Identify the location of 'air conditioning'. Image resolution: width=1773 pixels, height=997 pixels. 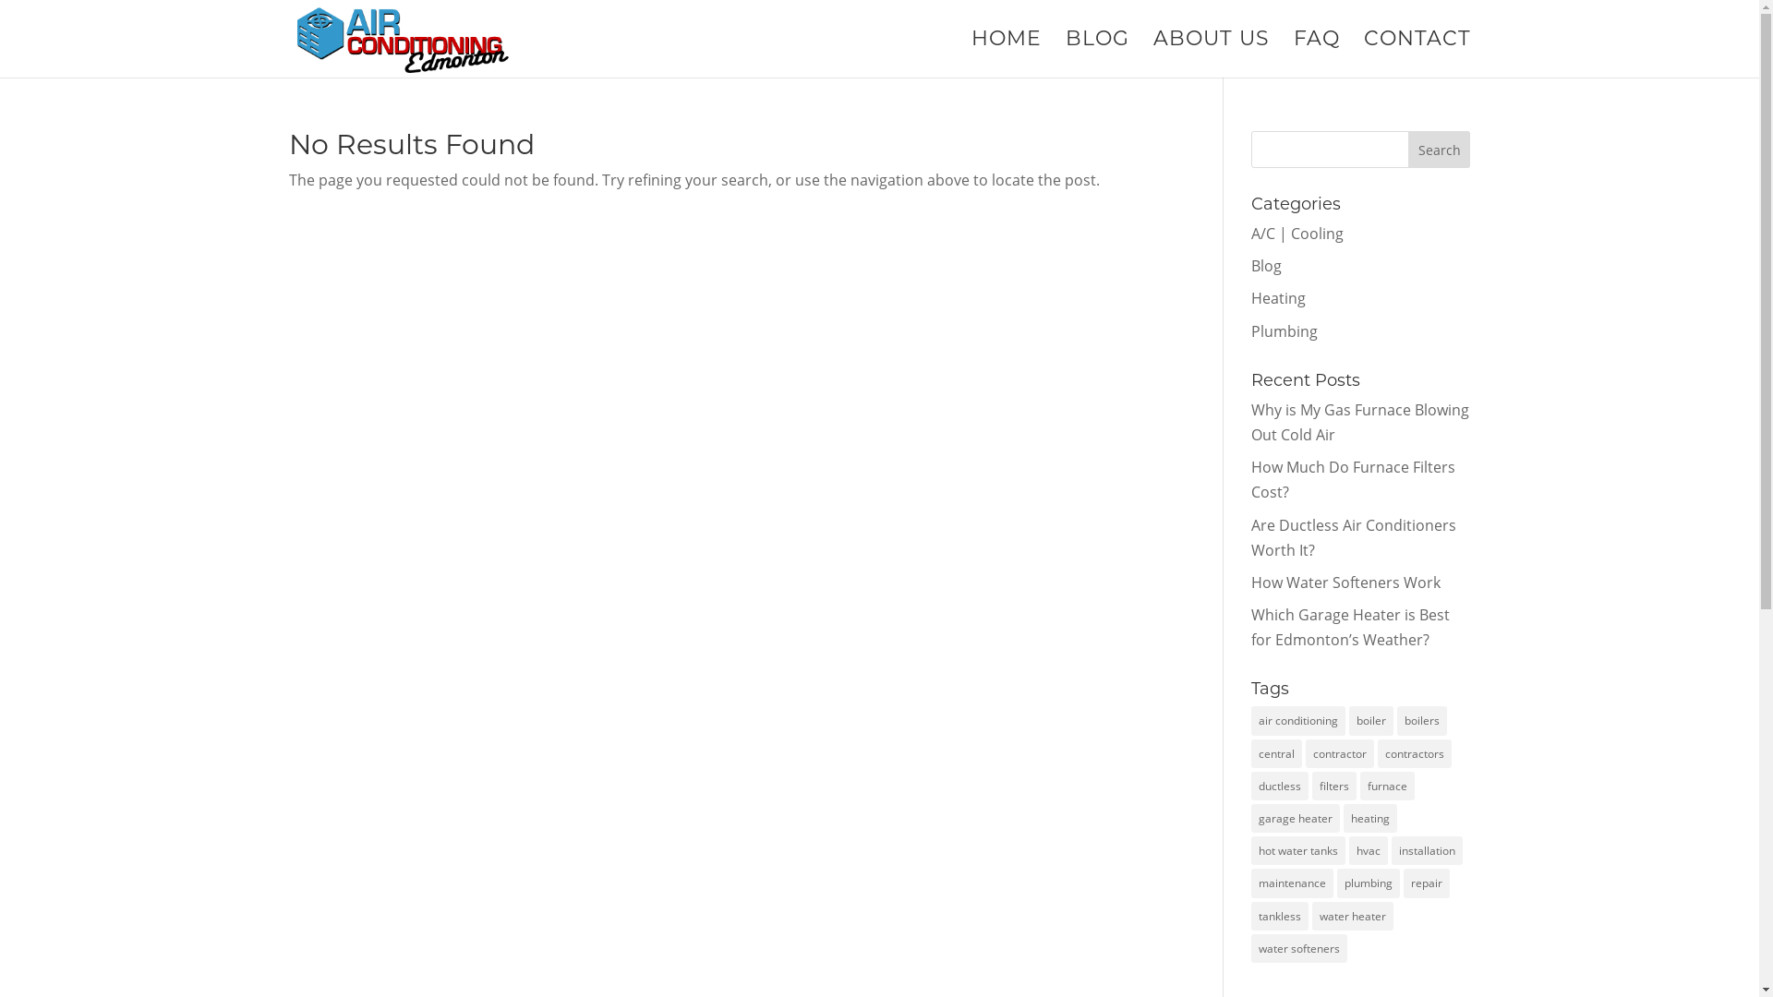
(1297, 719).